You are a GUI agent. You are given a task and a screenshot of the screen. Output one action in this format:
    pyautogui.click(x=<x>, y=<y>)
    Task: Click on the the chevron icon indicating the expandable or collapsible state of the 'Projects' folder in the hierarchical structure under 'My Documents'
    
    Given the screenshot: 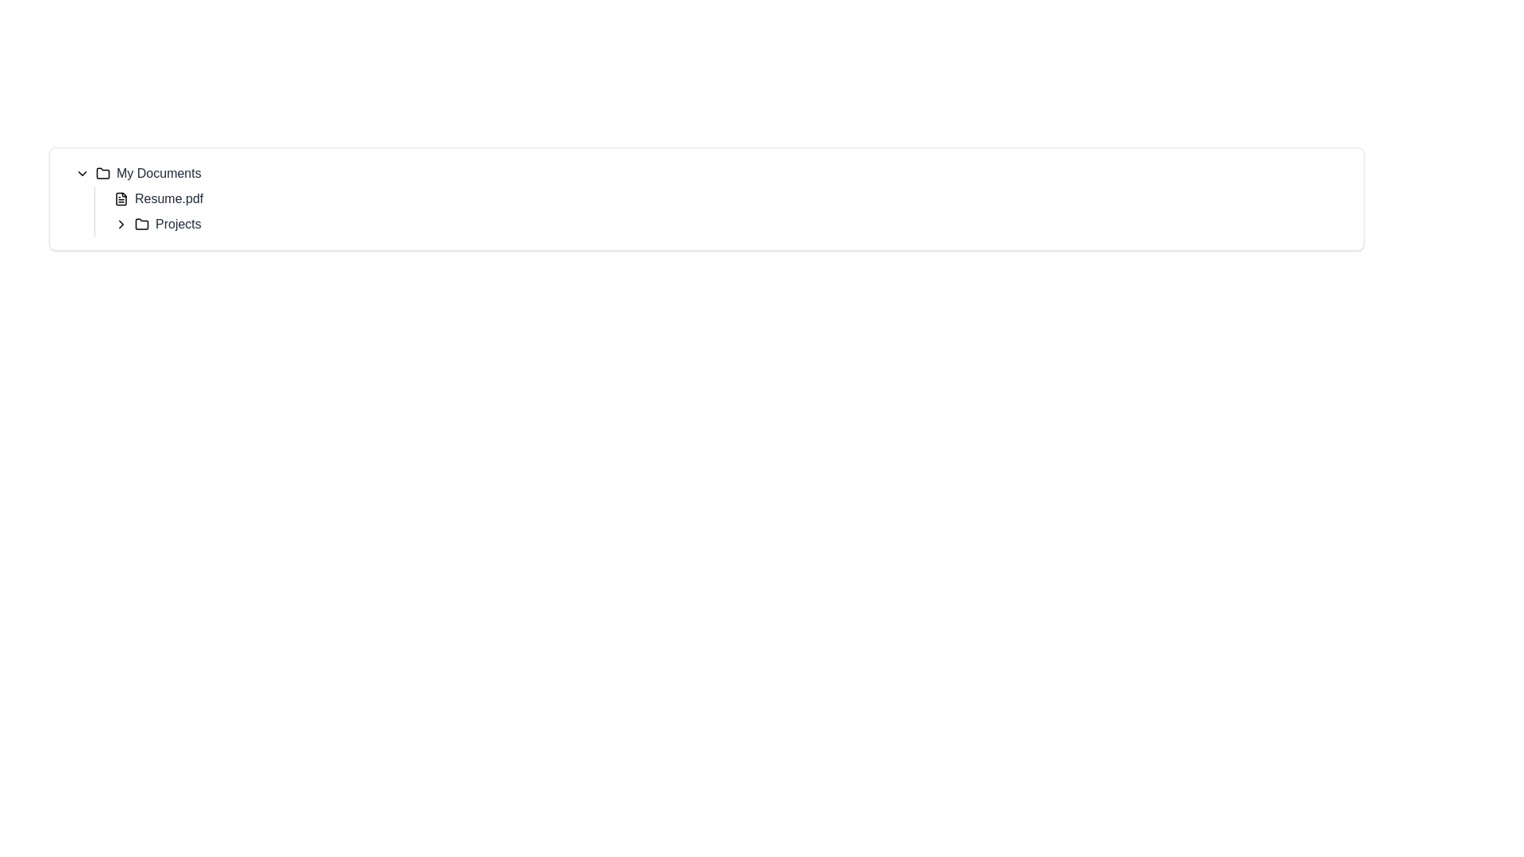 What is the action you would take?
    pyautogui.click(x=121, y=224)
    